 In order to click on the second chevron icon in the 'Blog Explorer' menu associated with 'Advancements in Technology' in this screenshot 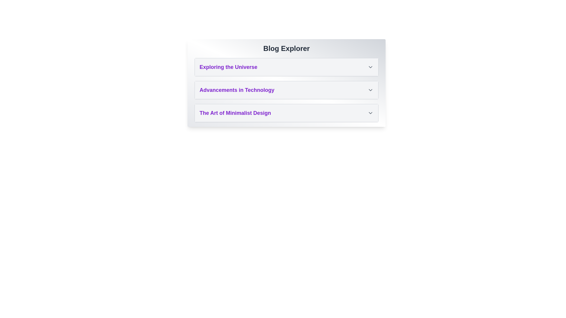, I will do `click(370, 90)`.